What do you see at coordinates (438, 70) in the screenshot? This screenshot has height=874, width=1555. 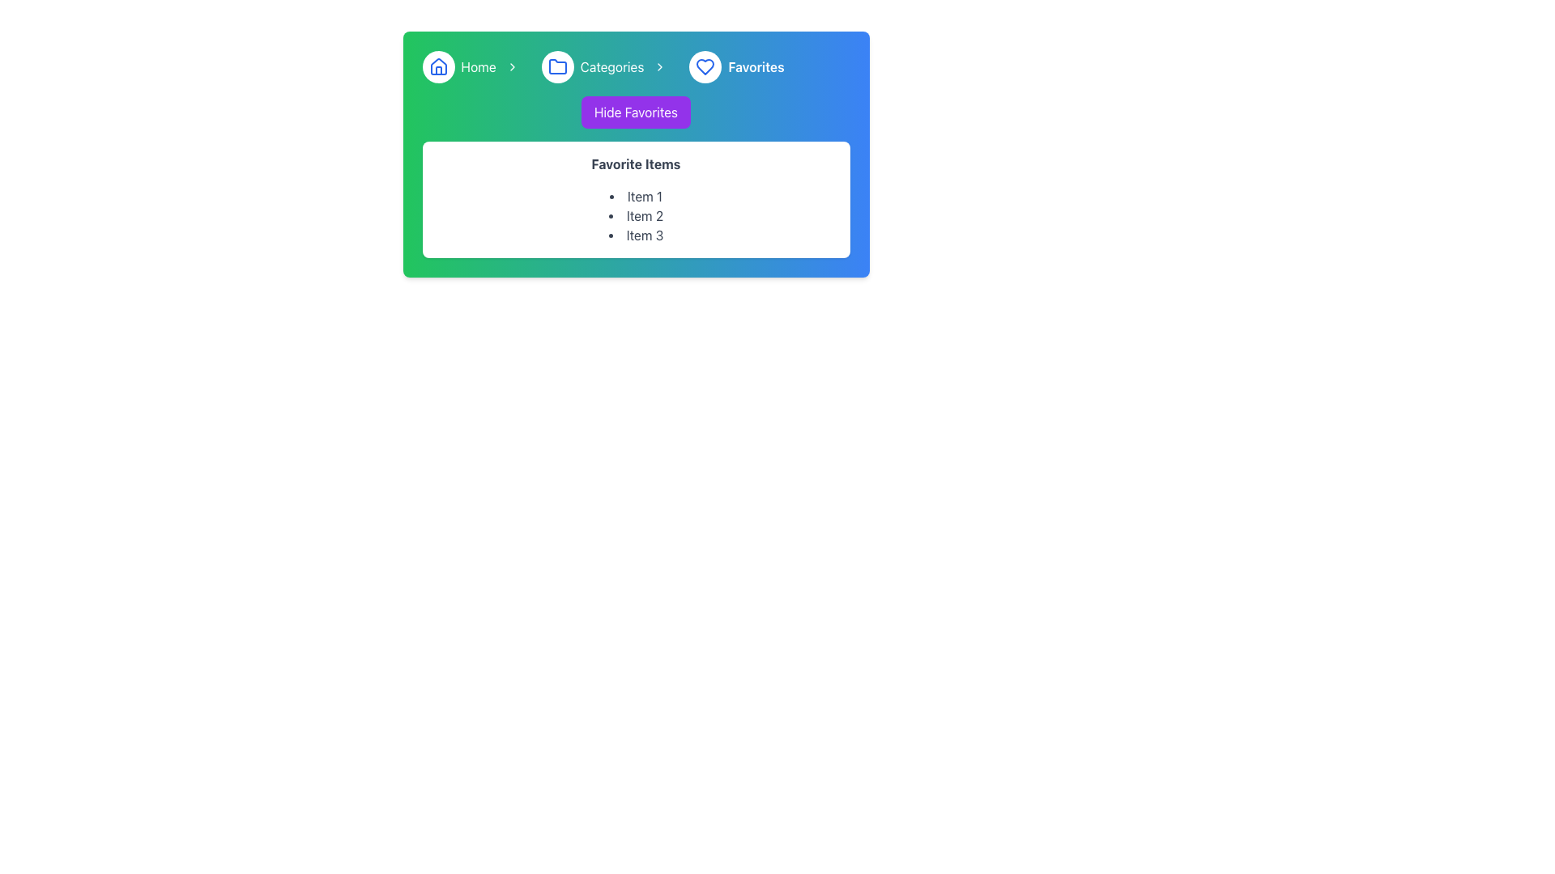 I see `the door-shaped graphical element located inside the house icon in the top-left corner of the interface` at bounding box center [438, 70].